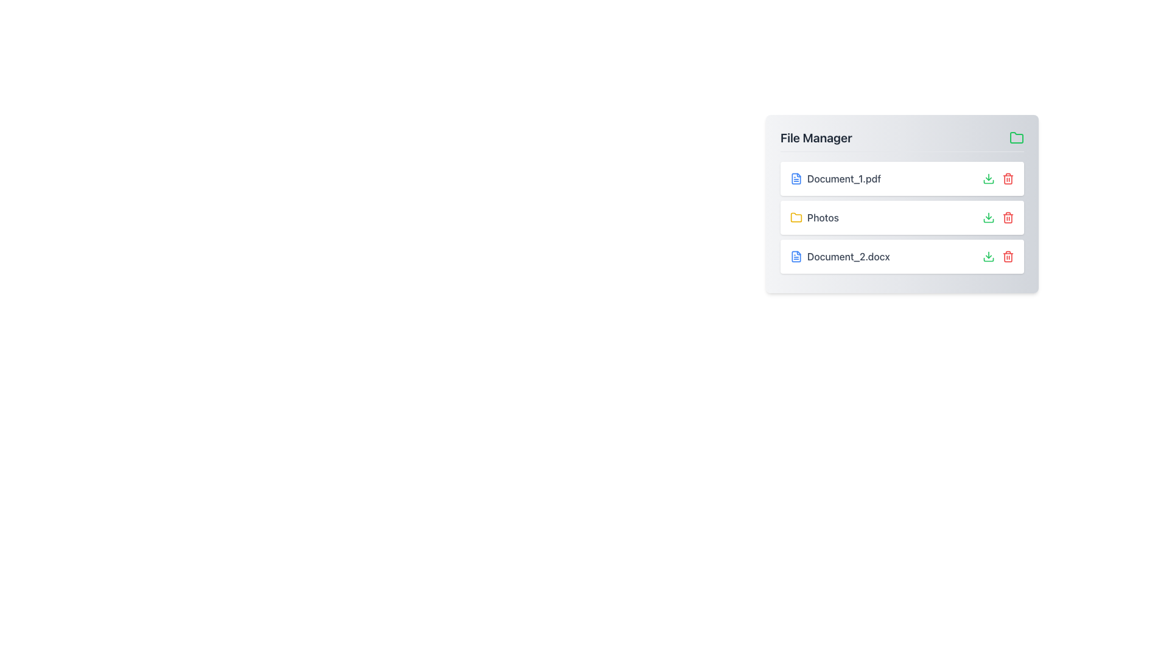  Describe the element at coordinates (848, 255) in the screenshot. I see `the text label displaying 'Document_2.docx'` at that location.